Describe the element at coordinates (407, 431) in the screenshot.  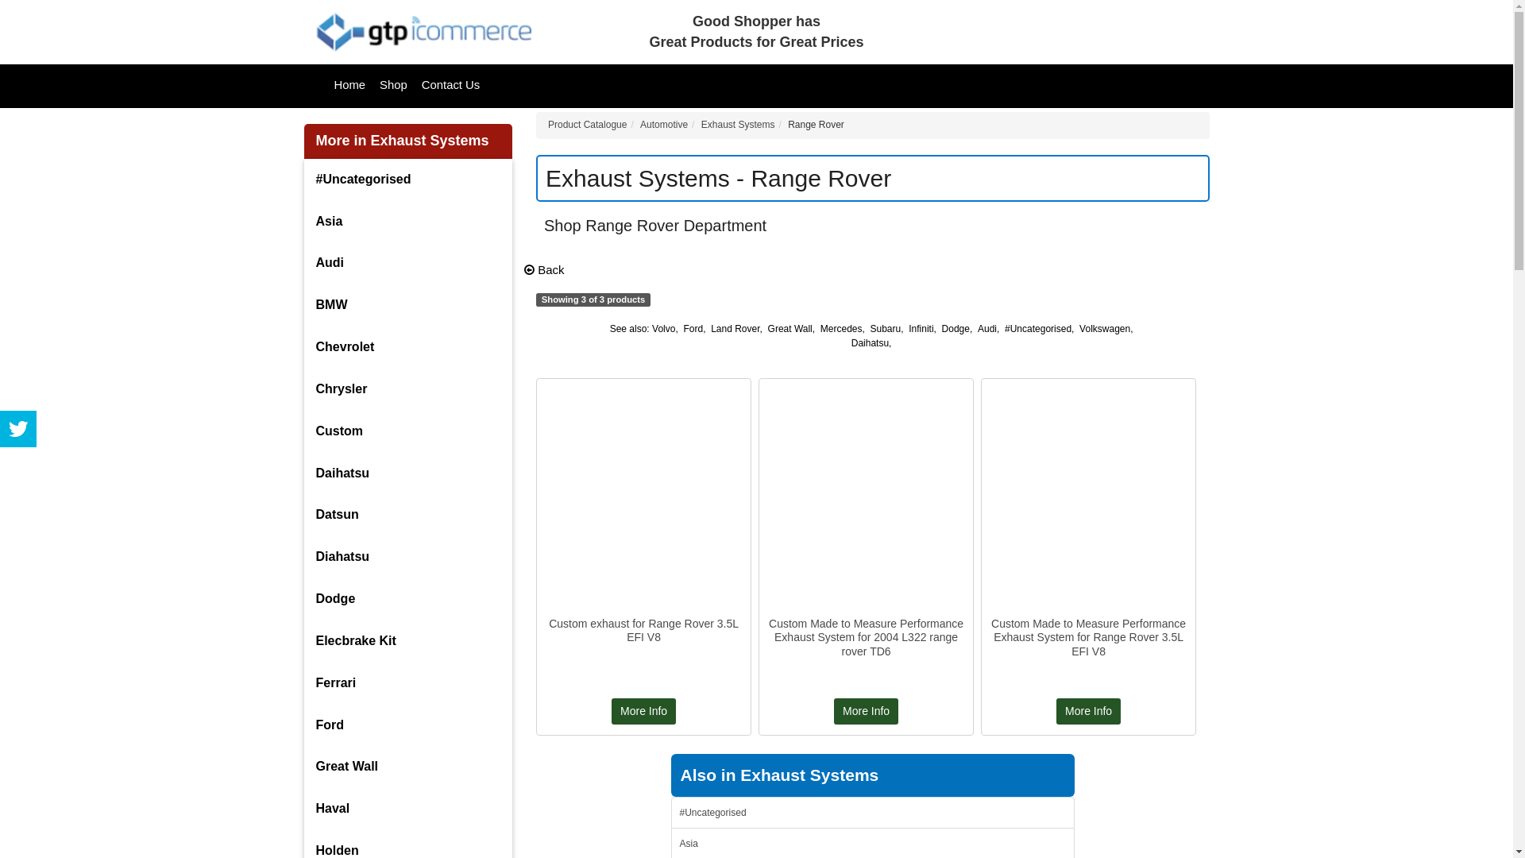
I see `'Custom'` at that location.